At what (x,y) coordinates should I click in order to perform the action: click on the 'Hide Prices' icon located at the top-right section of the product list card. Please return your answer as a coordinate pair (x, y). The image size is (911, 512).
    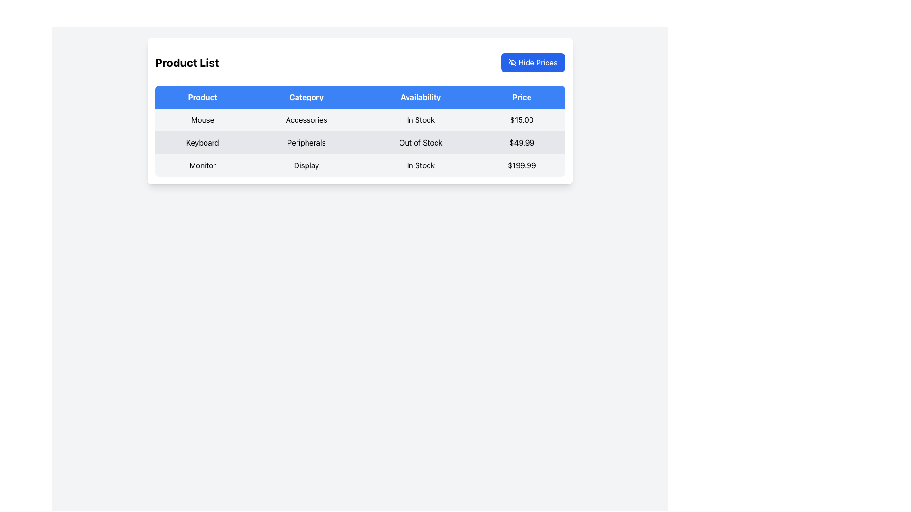
    Looking at the image, I should click on (512, 62).